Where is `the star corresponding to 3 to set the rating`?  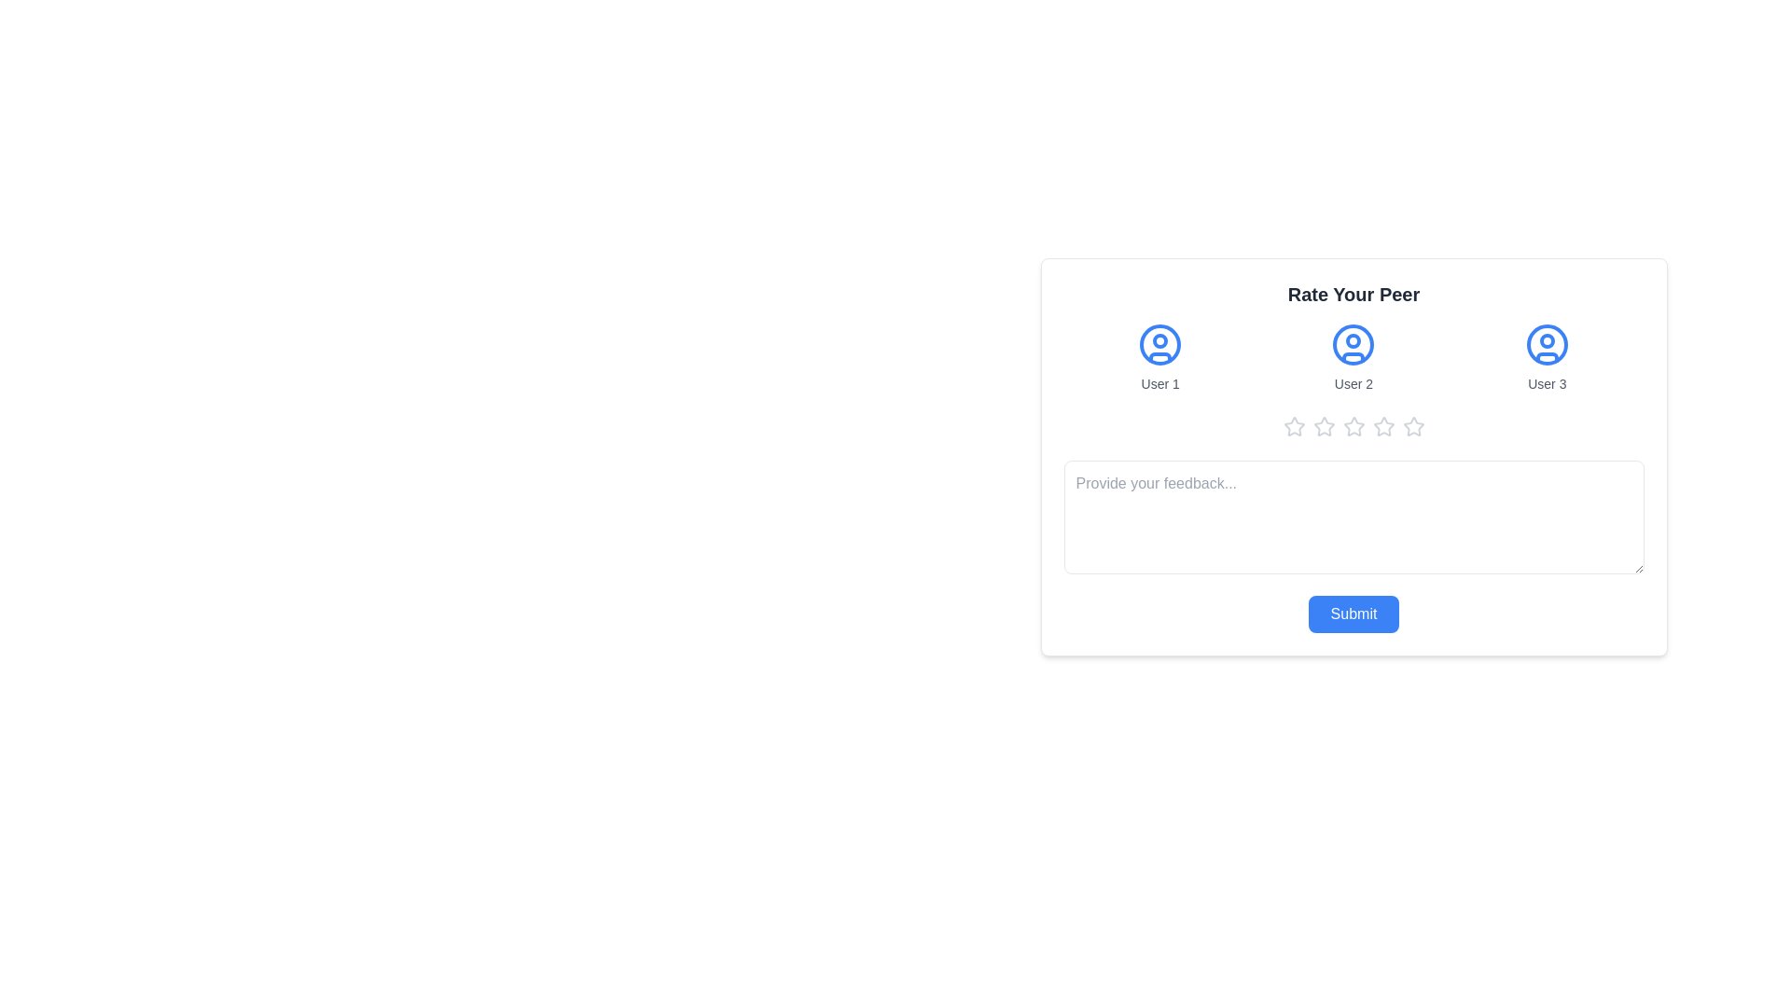 the star corresponding to 3 to set the rating is located at coordinates (1354, 427).